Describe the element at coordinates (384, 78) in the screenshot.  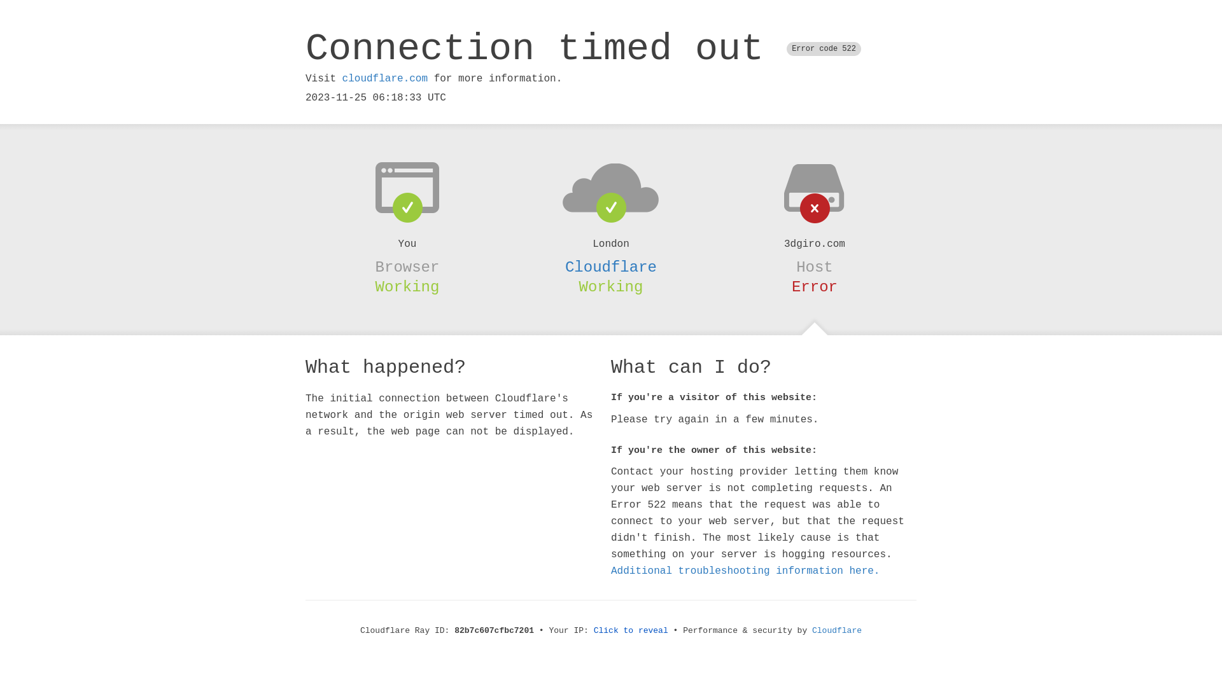
I see `'cloudflare.com'` at that location.